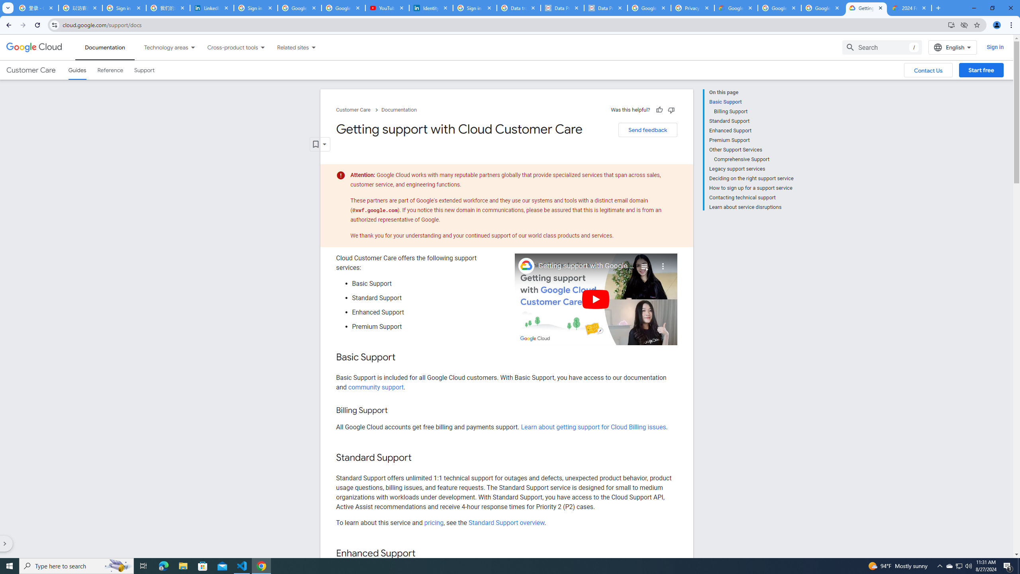  What do you see at coordinates (647, 130) in the screenshot?
I see `'Send feedback'` at bounding box center [647, 130].